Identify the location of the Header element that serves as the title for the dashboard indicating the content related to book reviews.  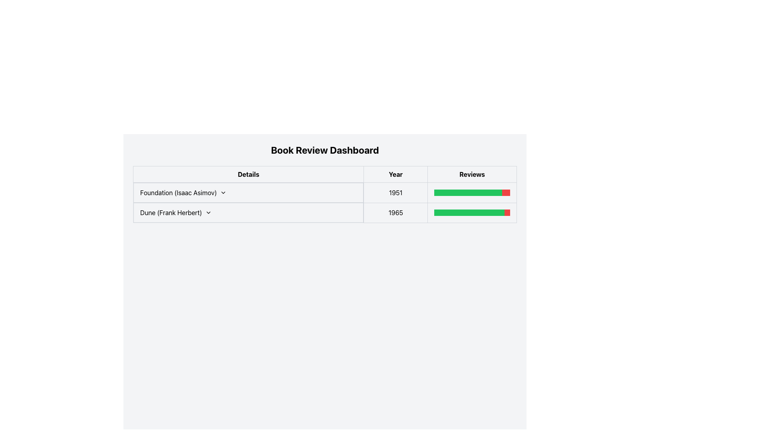
(325, 150).